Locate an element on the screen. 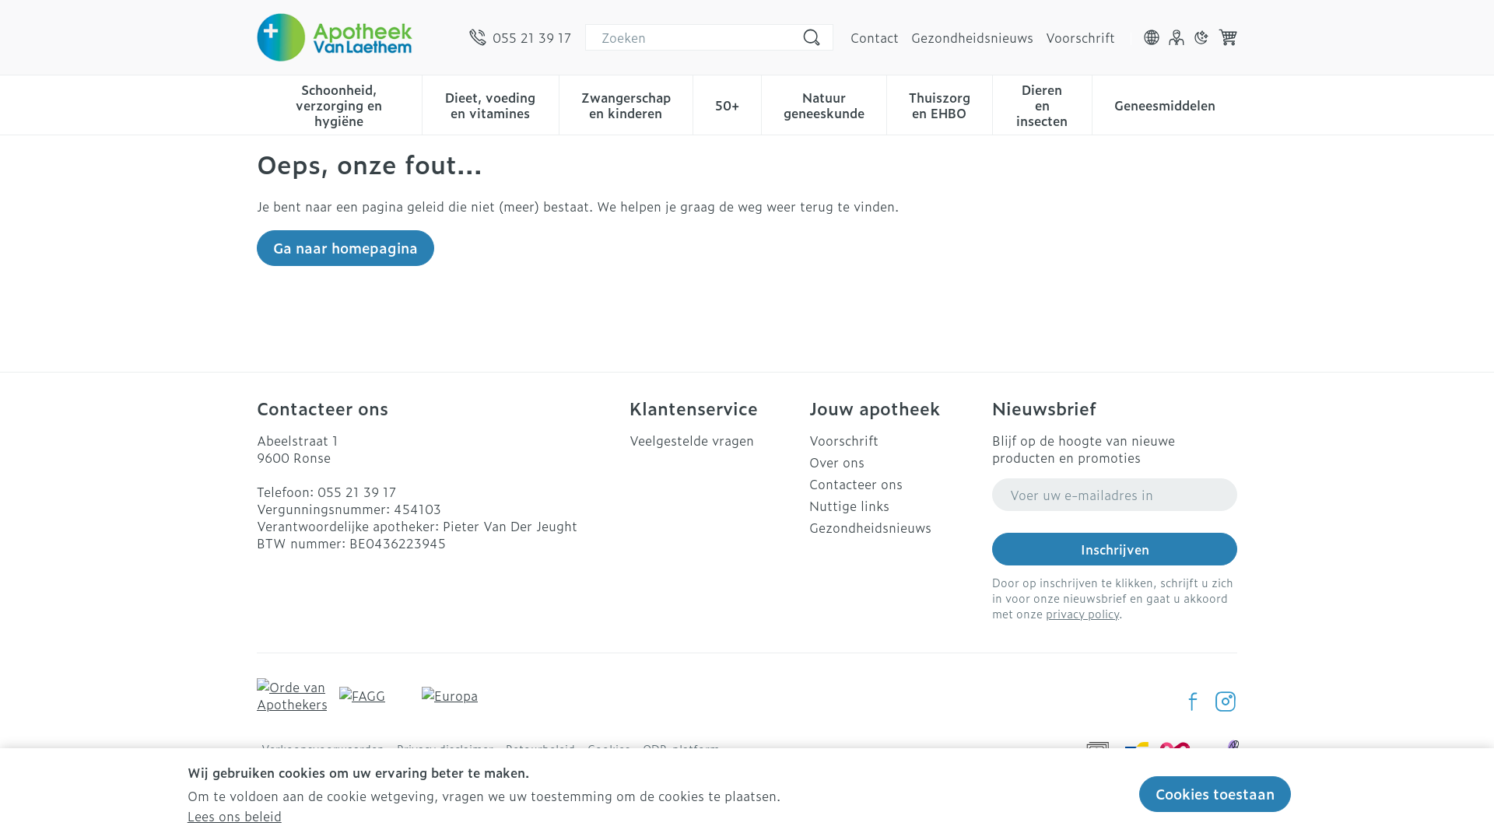 This screenshot has height=840, width=1494. 'Verkoopsvoorwaarden' is located at coordinates (321, 748).